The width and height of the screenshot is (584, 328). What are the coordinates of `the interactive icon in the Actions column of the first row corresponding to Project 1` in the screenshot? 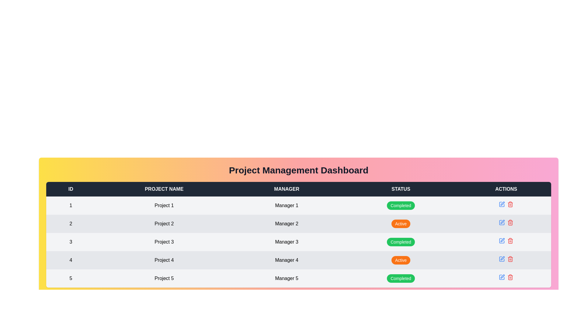 It's located at (506, 204).